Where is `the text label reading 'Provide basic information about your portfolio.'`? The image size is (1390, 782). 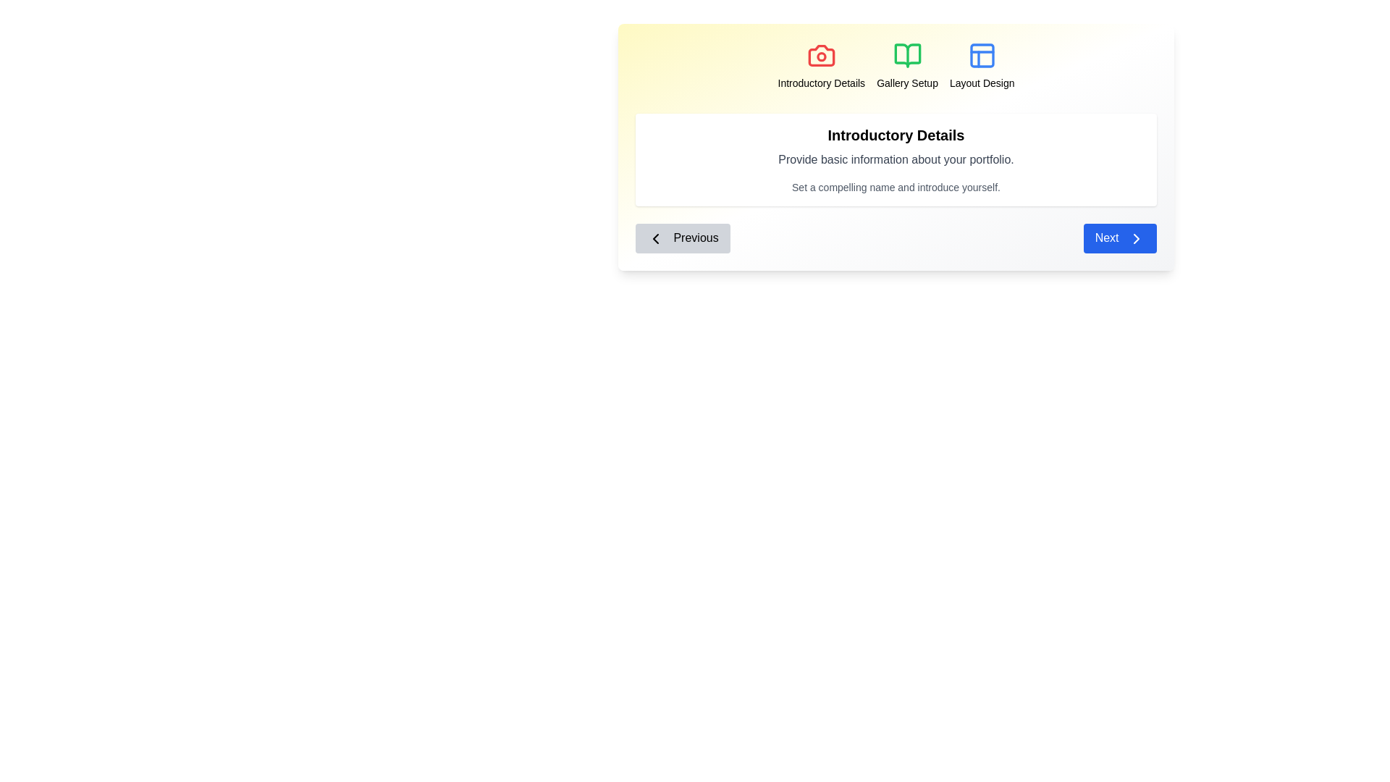 the text label reading 'Provide basic information about your portfolio.' is located at coordinates (896, 159).